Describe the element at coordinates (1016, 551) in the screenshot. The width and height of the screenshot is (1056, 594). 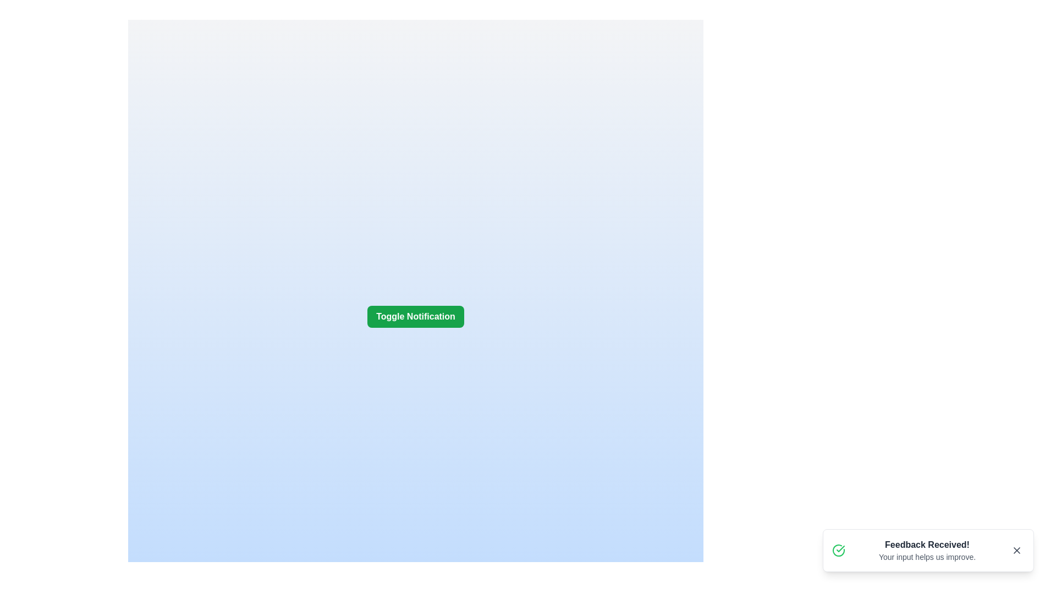
I see `the 'X' button to close the notification` at that location.